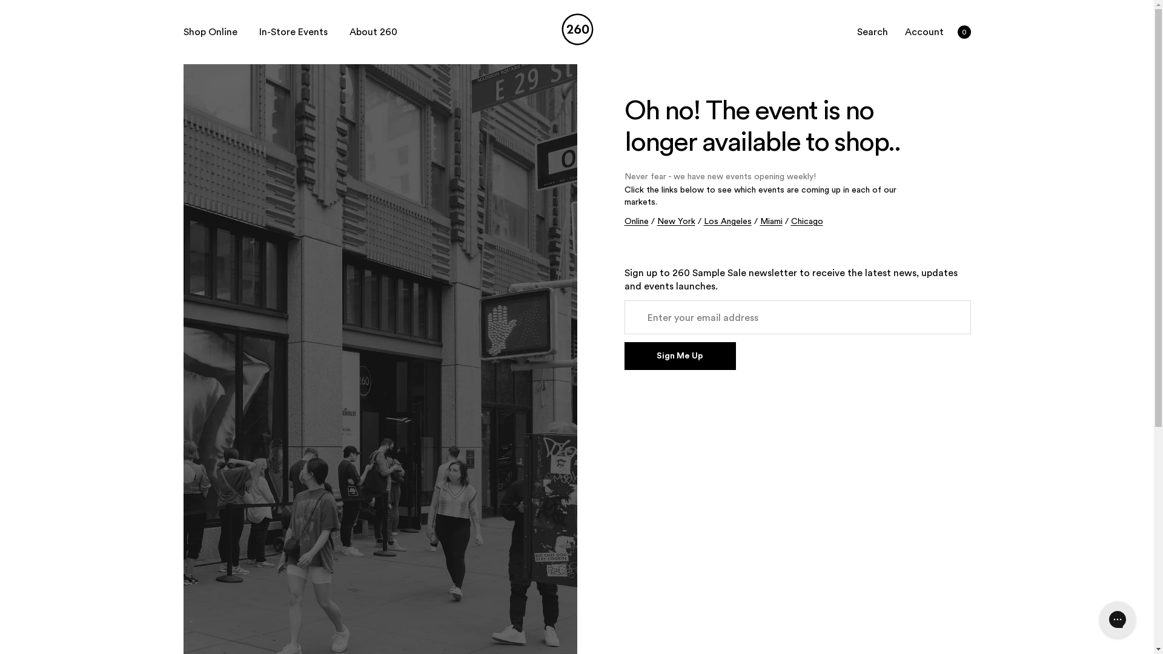 The height and width of the screenshot is (654, 1163). Describe the element at coordinates (1116, 619) in the screenshot. I see `'Gorgias live chat messenger'` at that location.